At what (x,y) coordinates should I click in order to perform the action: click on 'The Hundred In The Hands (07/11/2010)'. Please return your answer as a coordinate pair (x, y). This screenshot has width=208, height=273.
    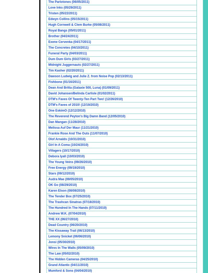
    Looking at the image, I should click on (77, 207).